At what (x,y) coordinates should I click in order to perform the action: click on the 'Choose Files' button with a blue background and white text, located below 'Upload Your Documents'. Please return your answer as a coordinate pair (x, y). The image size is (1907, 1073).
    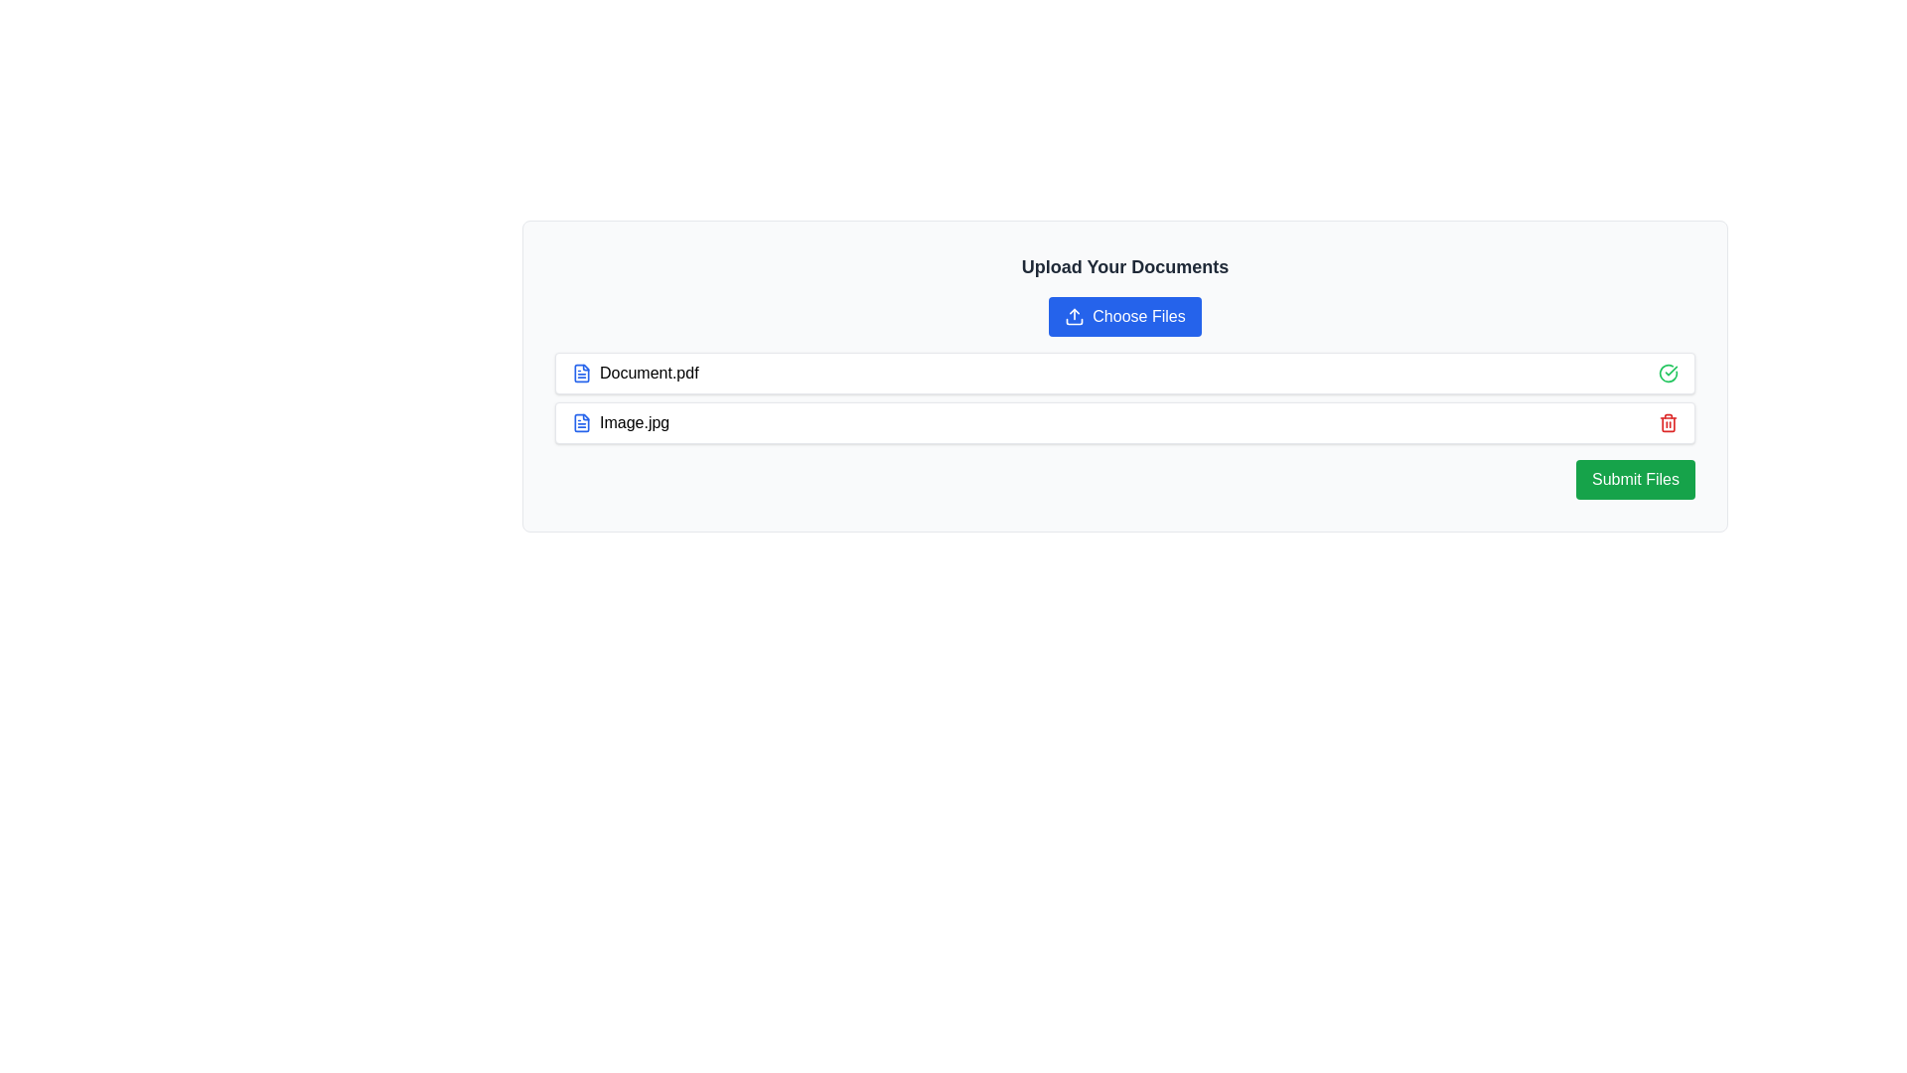
    Looking at the image, I should click on (1124, 316).